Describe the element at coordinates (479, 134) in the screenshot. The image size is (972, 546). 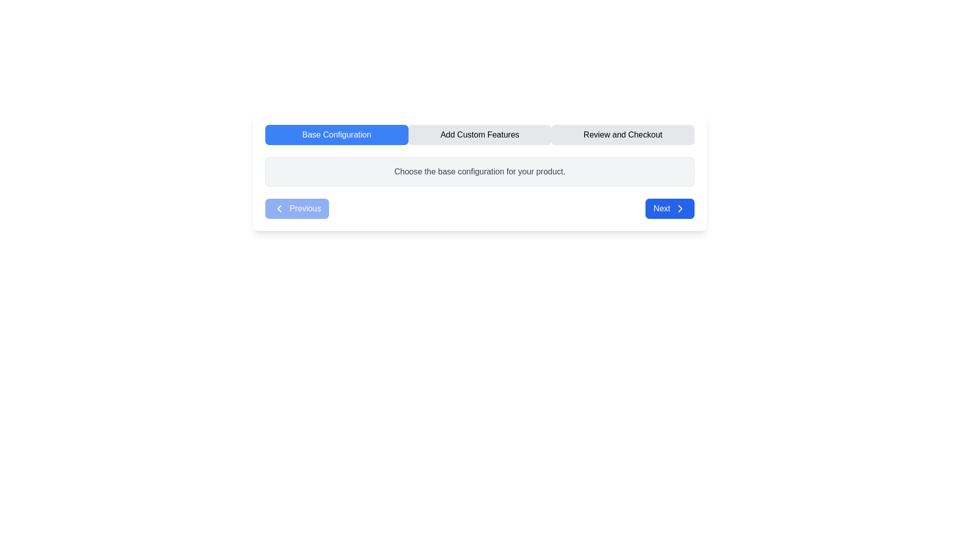
I see `the Text Label that serves as a descriptor for the 'Add Custom Features' phase, which is positioned between the 'Base Configuration' button and the 'Review and Checkout' button` at that location.